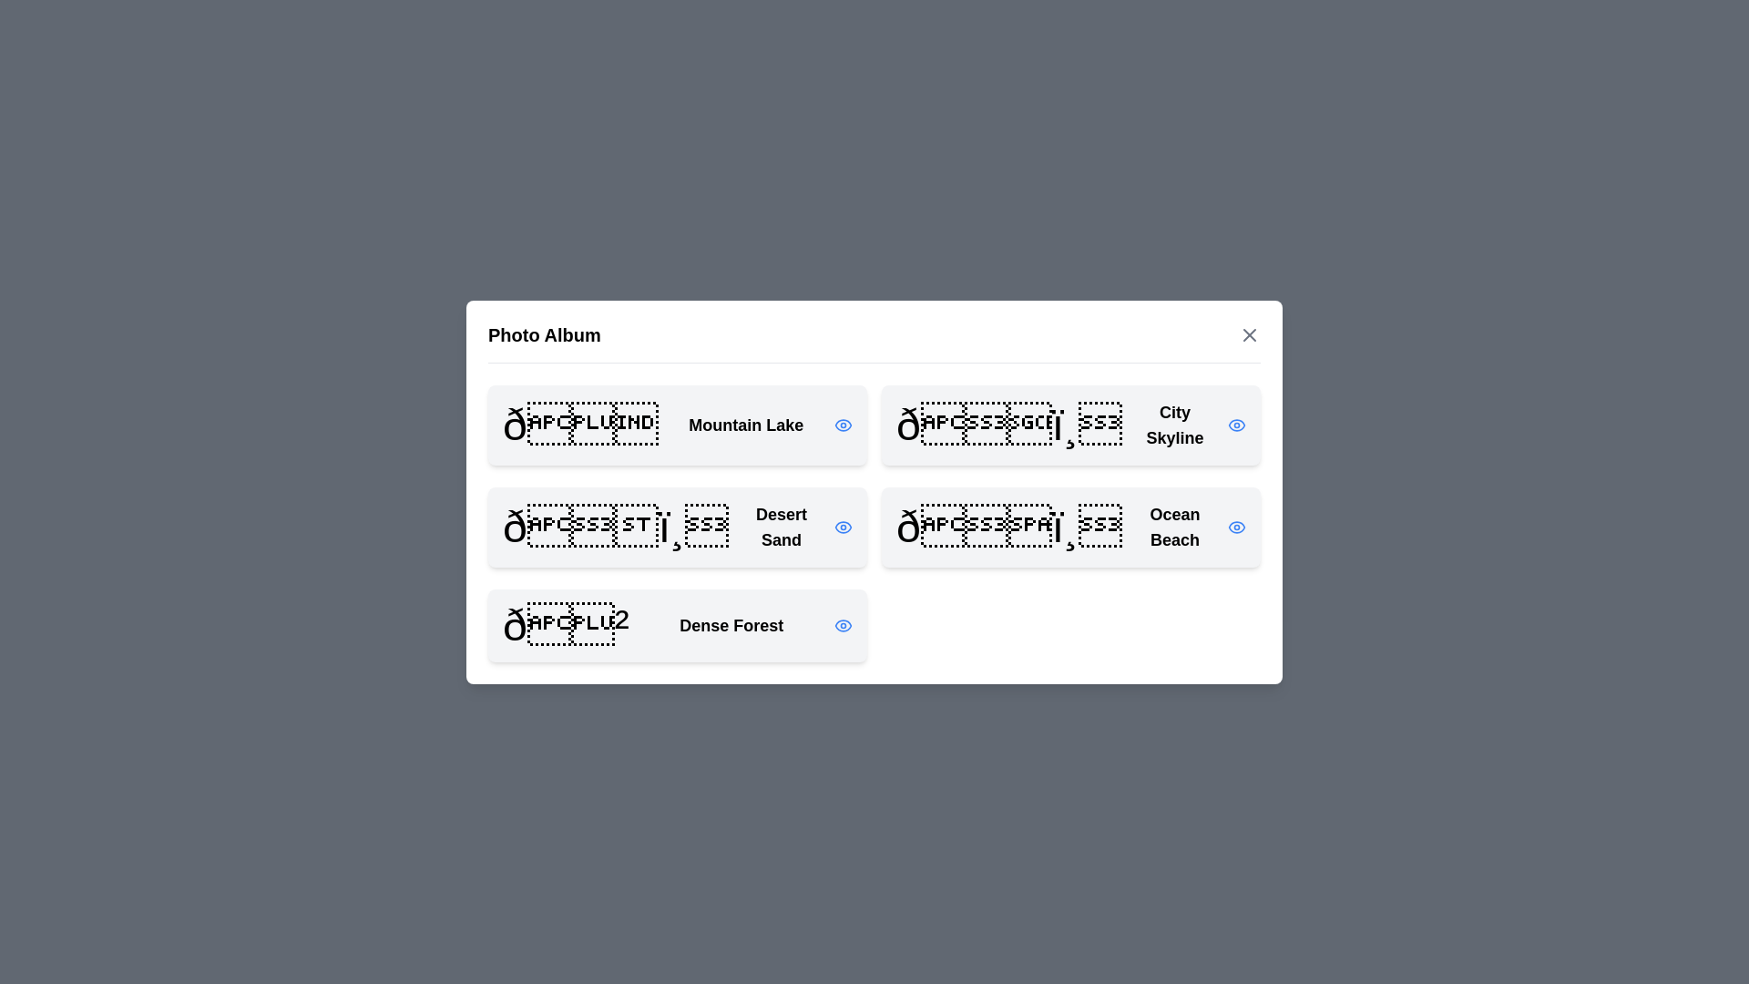 The height and width of the screenshot is (984, 1749). What do you see at coordinates (1249, 334) in the screenshot?
I see `the close button at the top-right corner of the modal to close the Photo Album Viewer` at bounding box center [1249, 334].